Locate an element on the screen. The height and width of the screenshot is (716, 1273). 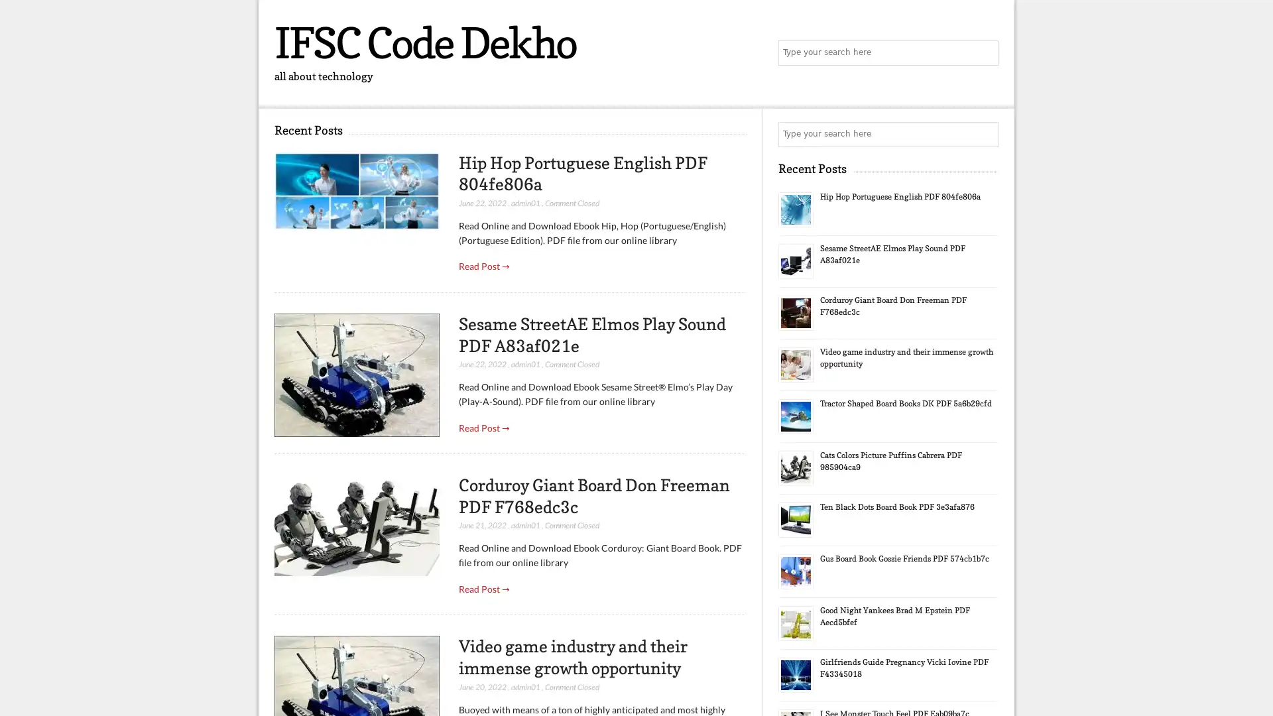
Search is located at coordinates (985, 53).